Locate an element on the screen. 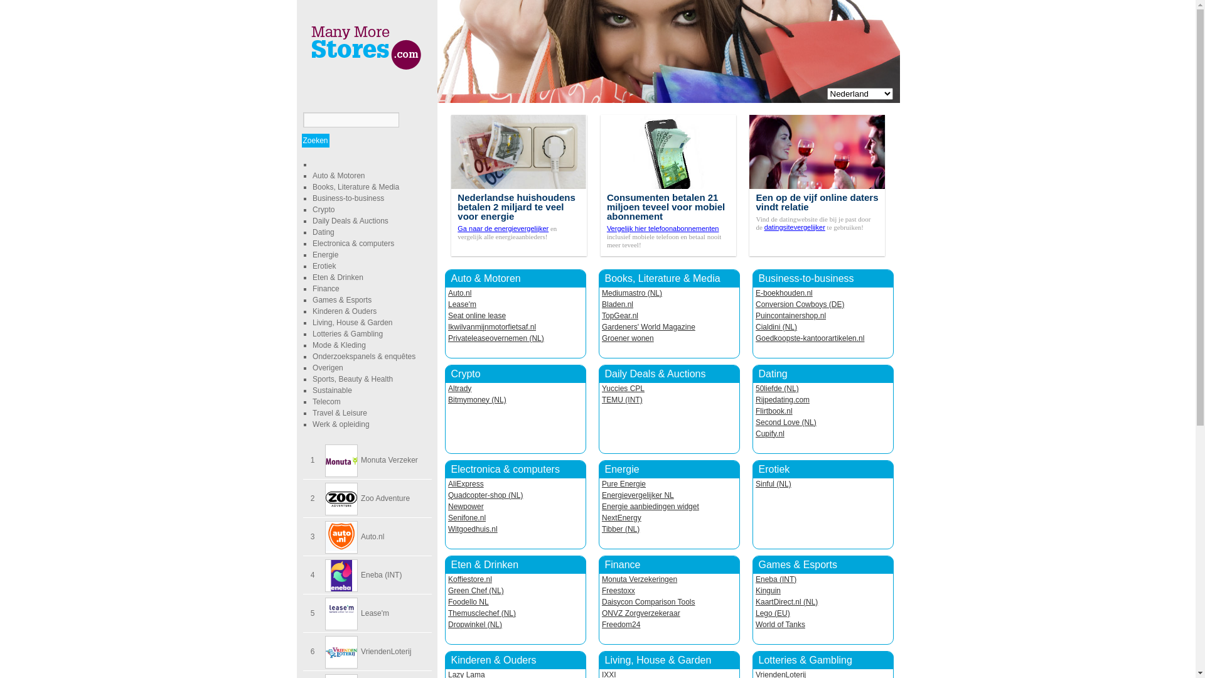 Image resolution: width=1205 pixels, height=678 pixels. 'Green Chef (NL)' is located at coordinates (475, 591).